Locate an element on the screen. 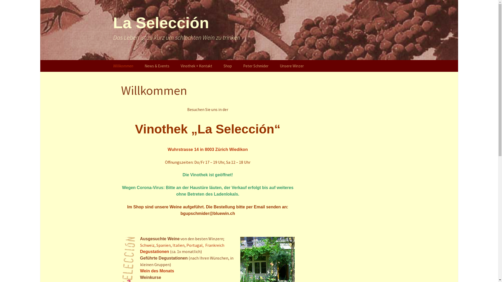 This screenshot has height=282, width=502. 'Willkommen' is located at coordinates (123, 66).